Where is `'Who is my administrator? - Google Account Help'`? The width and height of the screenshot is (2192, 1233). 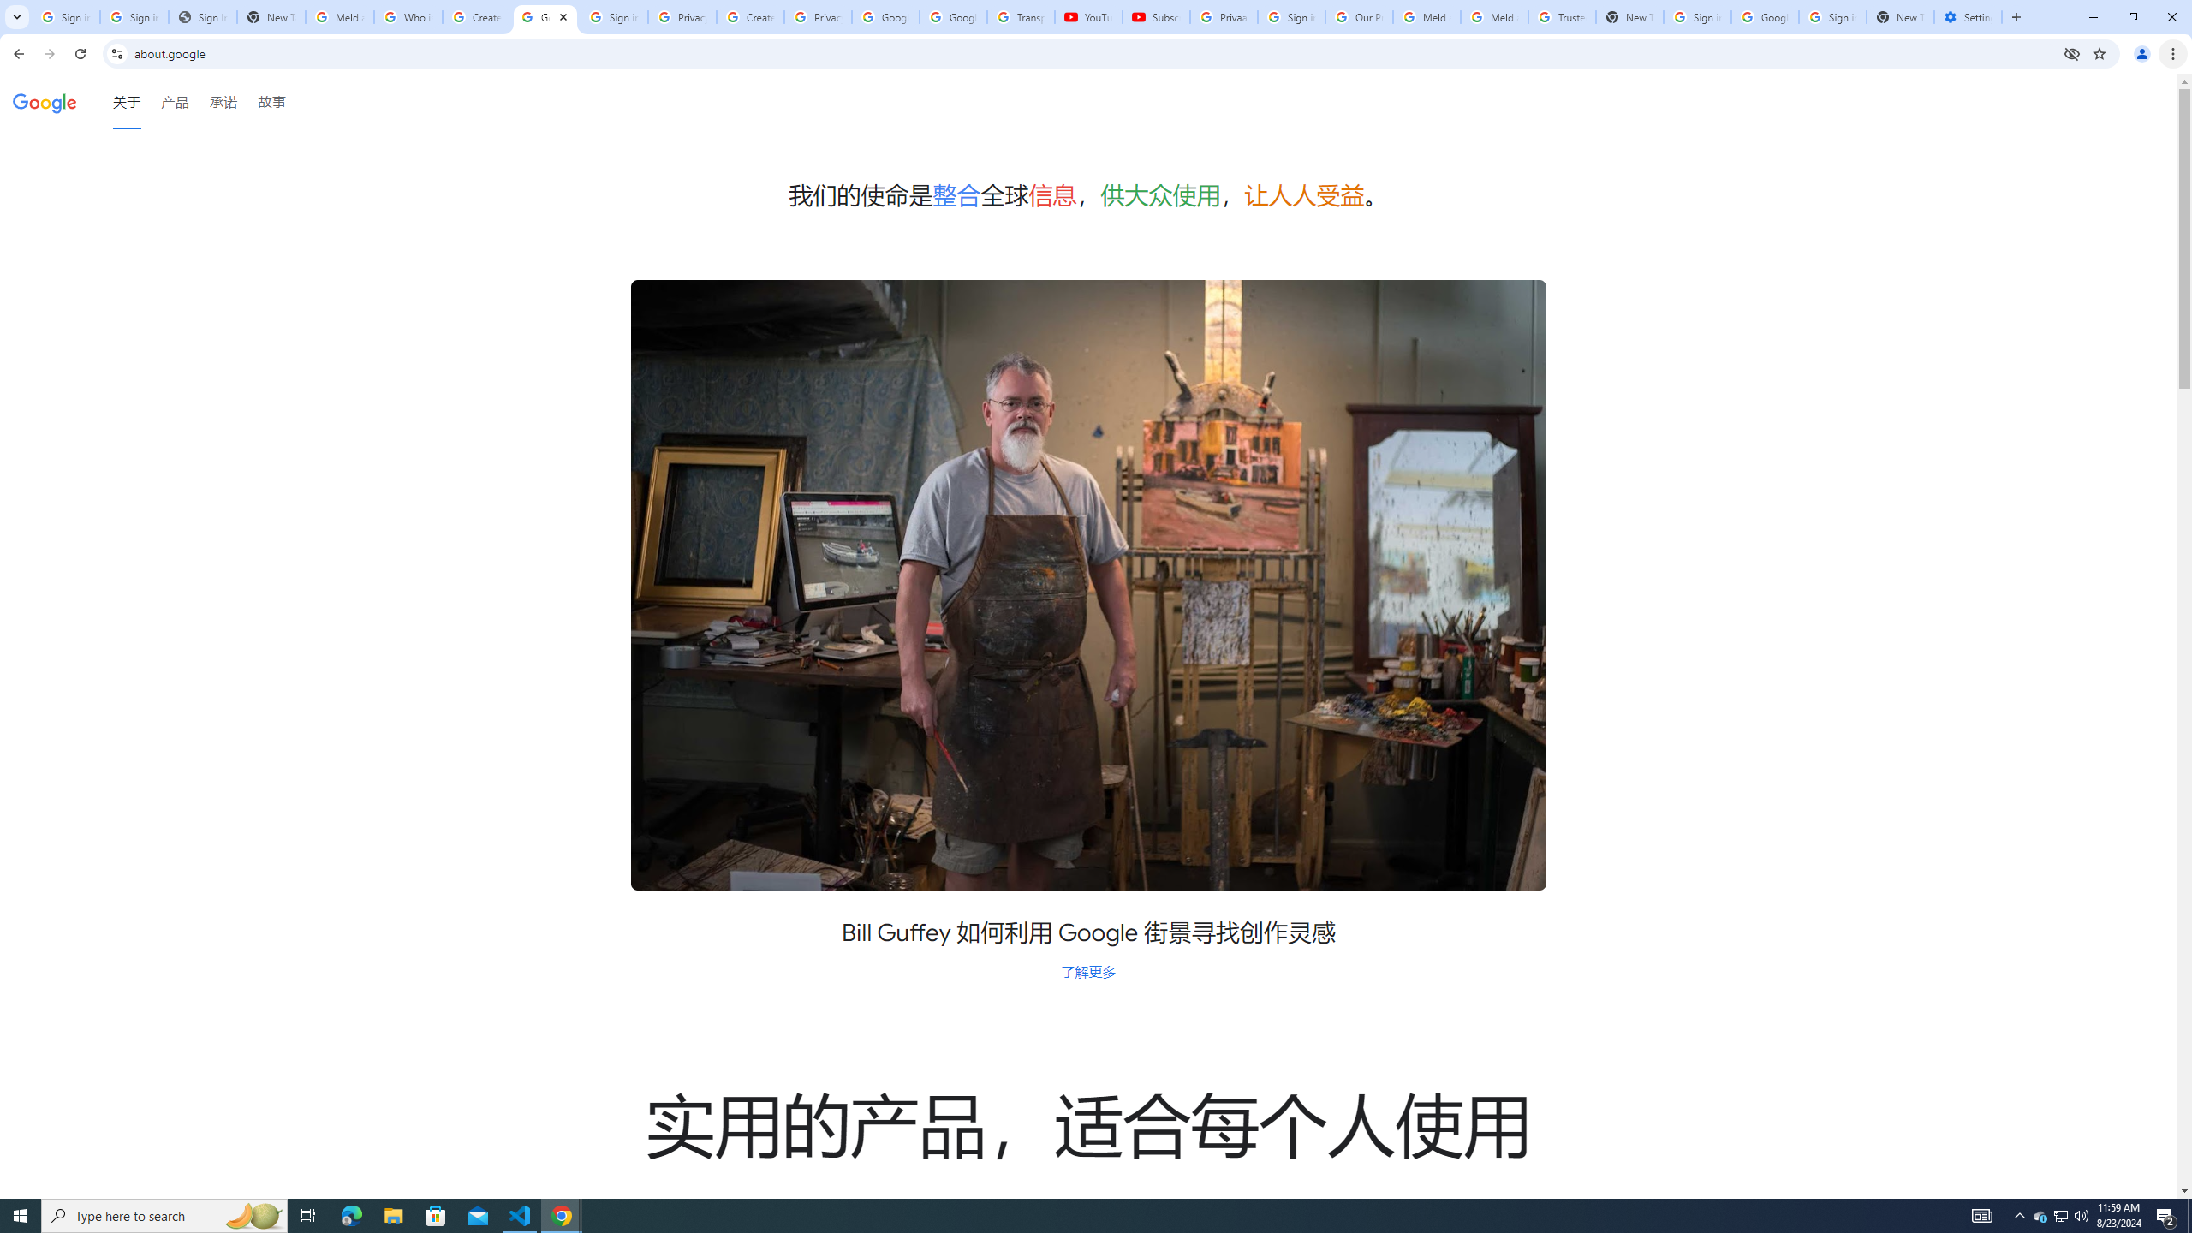 'Who is my administrator? - Google Account Help' is located at coordinates (408, 16).